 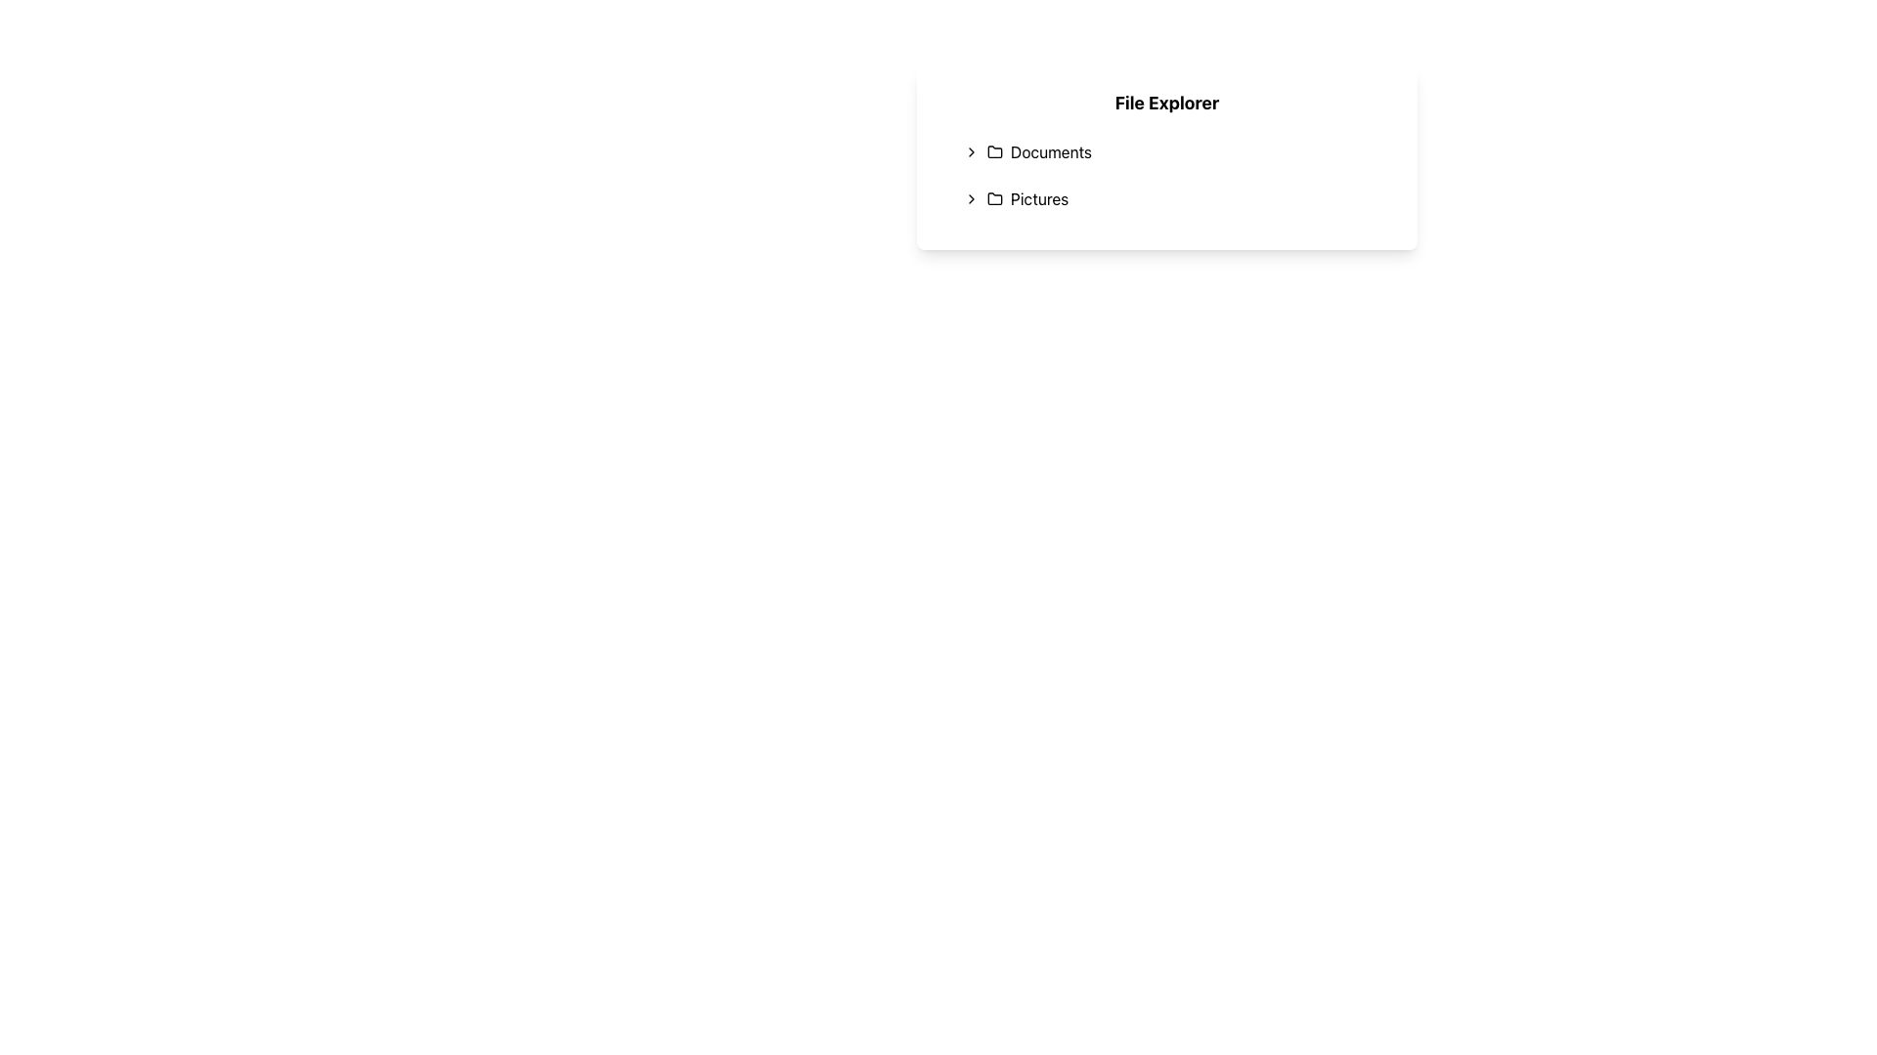 I want to click on the 'Documents' folder icon, so click(x=994, y=149).